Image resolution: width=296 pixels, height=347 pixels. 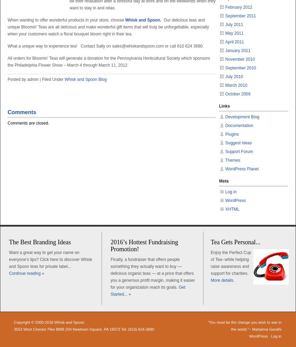 I want to click on 'October 2009', so click(x=237, y=94).